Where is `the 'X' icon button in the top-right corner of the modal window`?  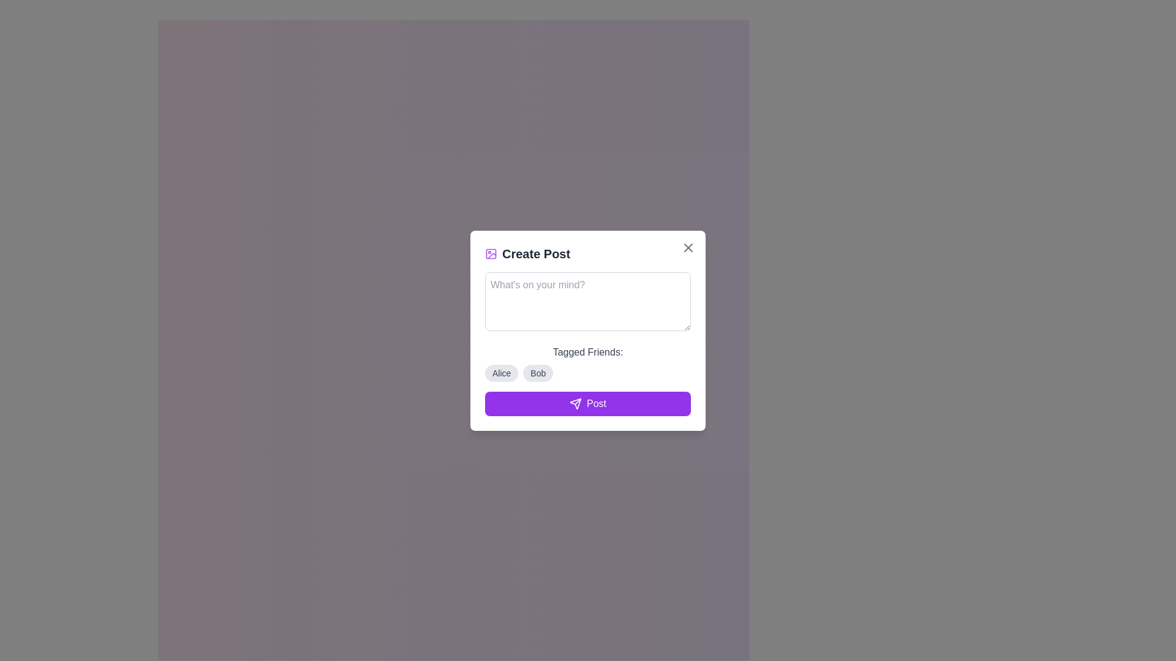
the 'X' icon button in the top-right corner of the modal window is located at coordinates (688, 247).